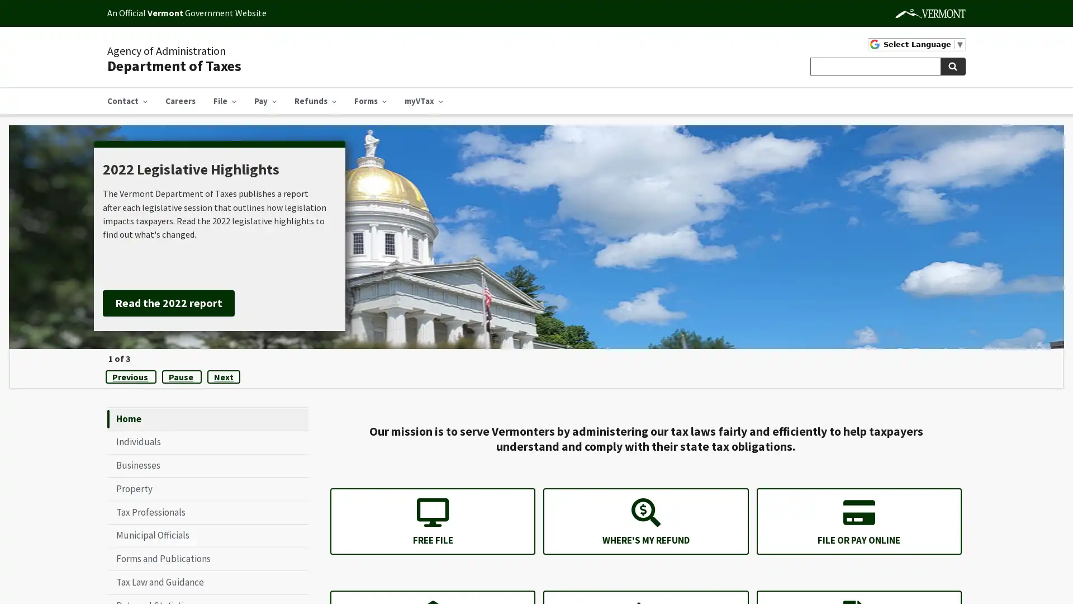  What do you see at coordinates (224, 101) in the screenshot?
I see `File` at bounding box center [224, 101].